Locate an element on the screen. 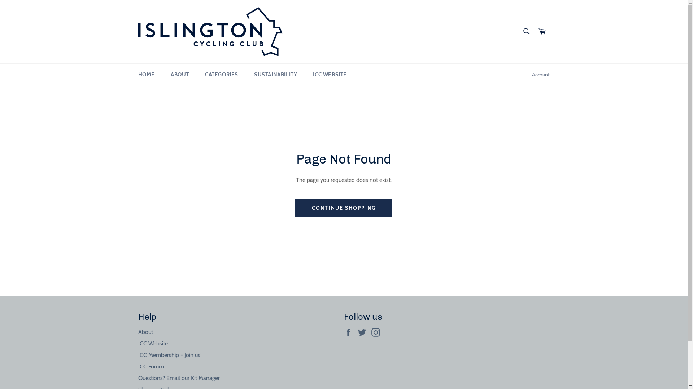  'Cart' is located at coordinates (542, 31).